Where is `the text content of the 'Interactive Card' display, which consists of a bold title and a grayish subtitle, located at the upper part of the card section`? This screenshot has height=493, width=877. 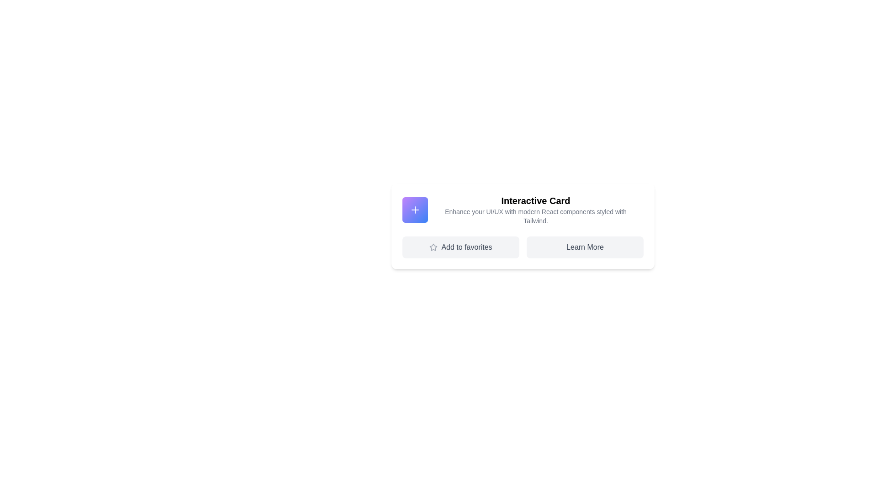 the text content of the 'Interactive Card' display, which consists of a bold title and a grayish subtitle, located at the upper part of the card section is located at coordinates (535, 210).